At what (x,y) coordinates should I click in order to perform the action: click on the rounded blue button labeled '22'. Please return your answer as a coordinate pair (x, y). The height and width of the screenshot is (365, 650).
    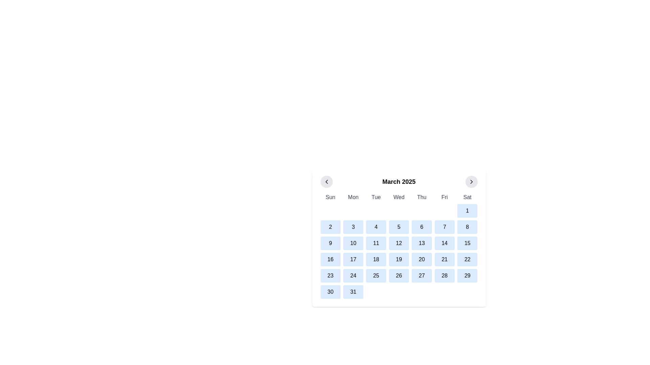
    Looking at the image, I should click on (467, 259).